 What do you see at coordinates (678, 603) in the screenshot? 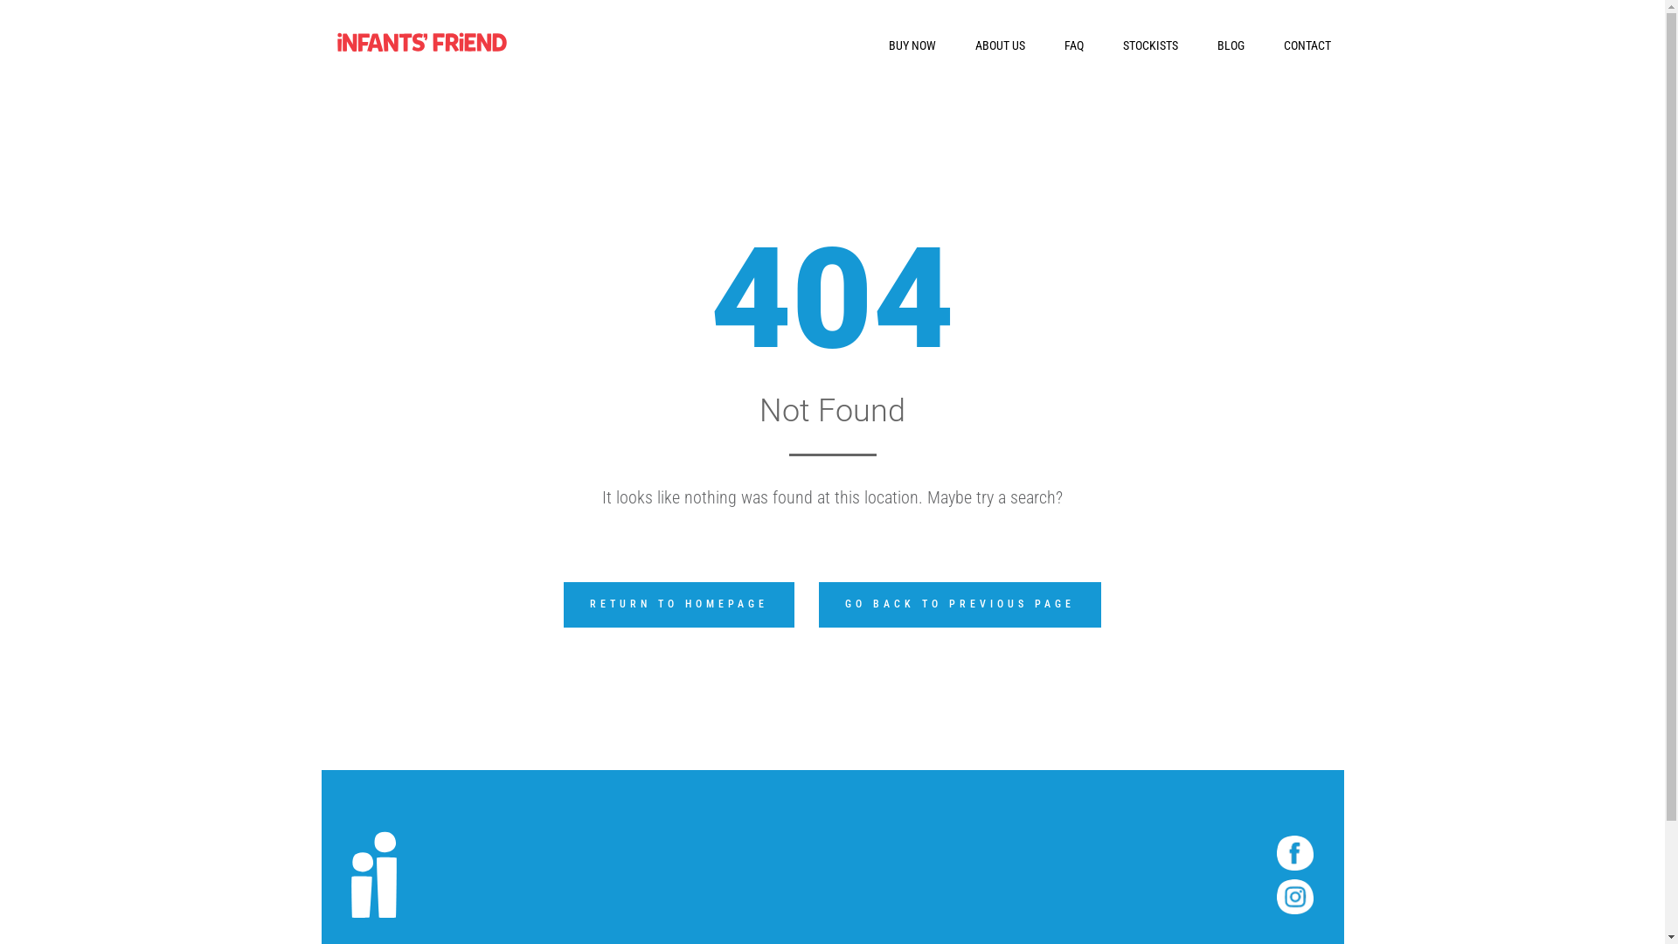
I see `'RETURN TO HOMEPAGE'` at bounding box center [678, 603].